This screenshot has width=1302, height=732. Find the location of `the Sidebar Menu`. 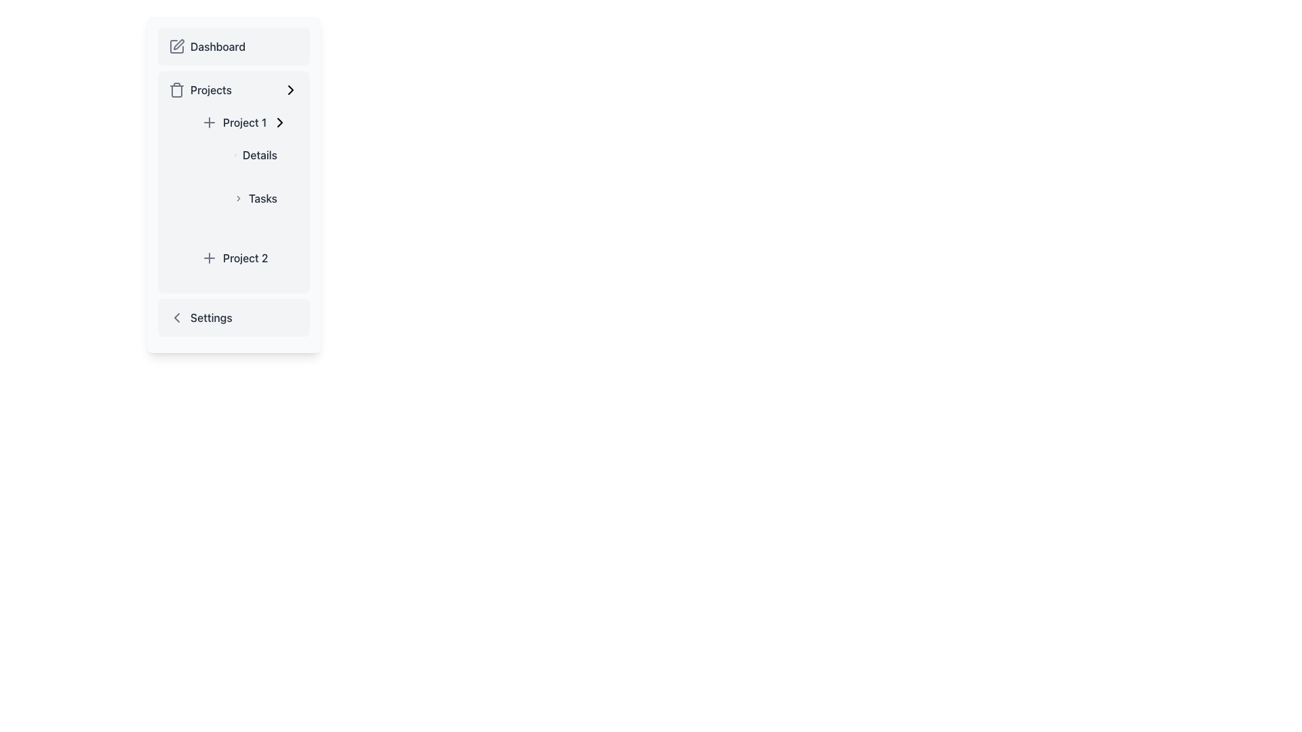

the Sidebar Menu is located at coordinates (234, 185).